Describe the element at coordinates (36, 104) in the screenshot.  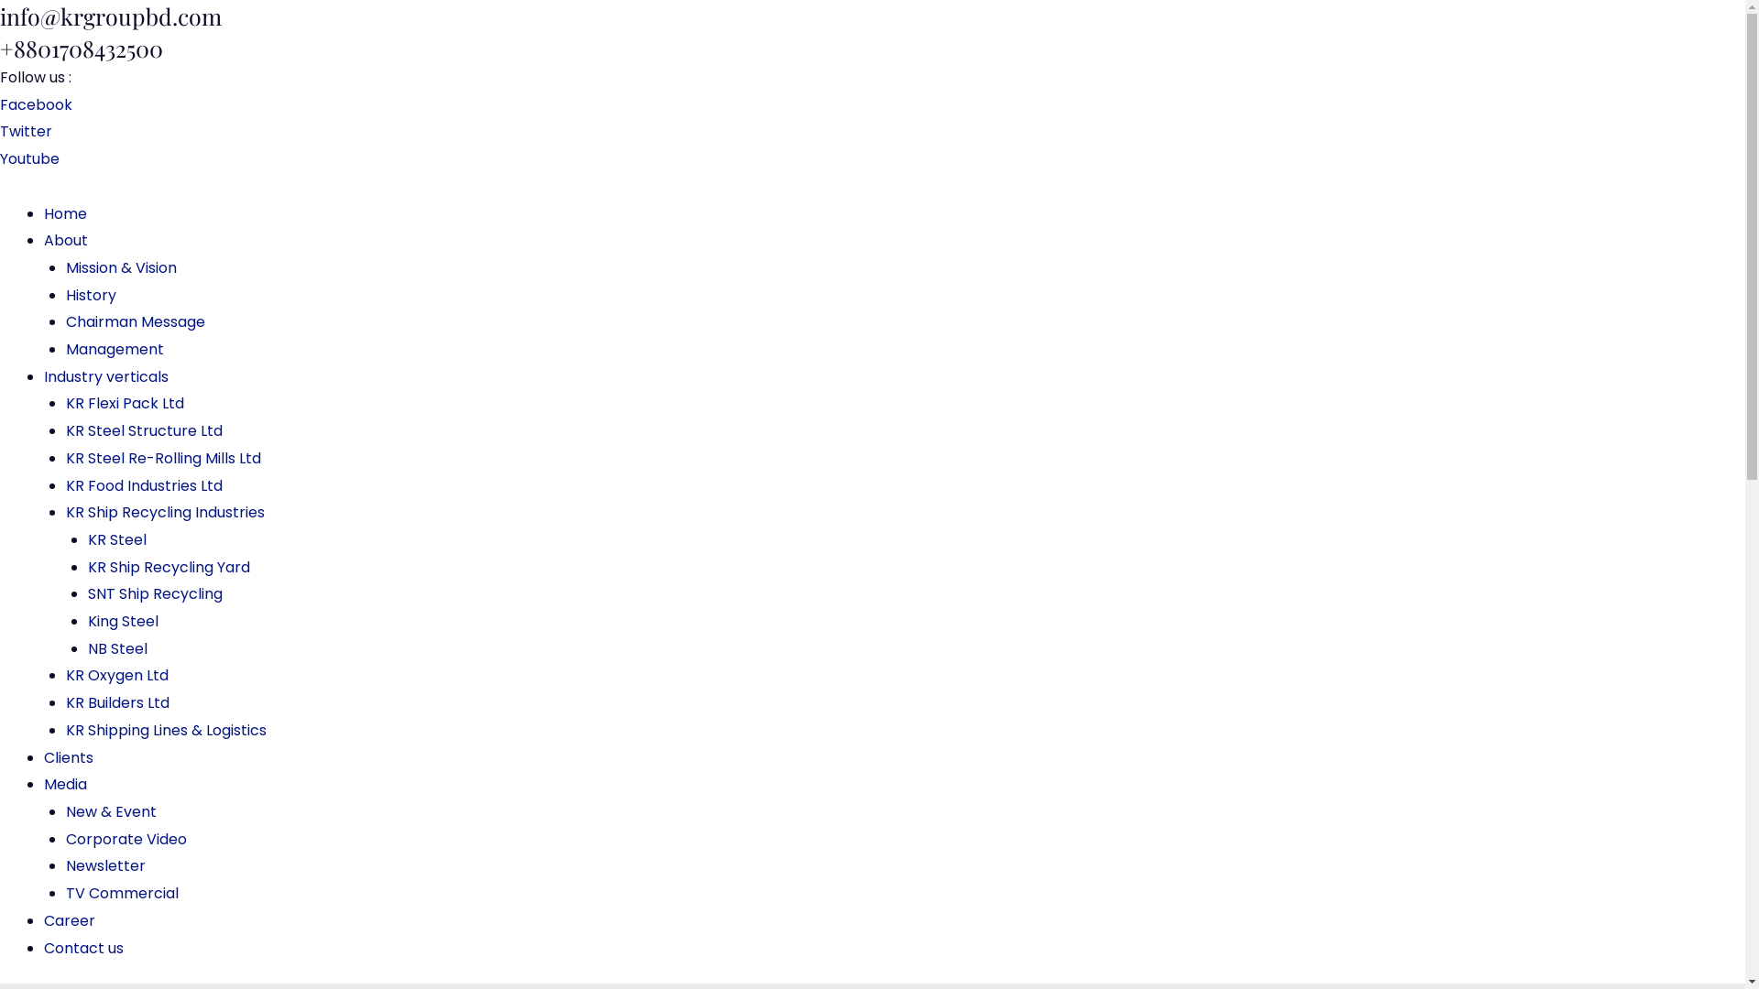
I see `'Facebook'` at that location.